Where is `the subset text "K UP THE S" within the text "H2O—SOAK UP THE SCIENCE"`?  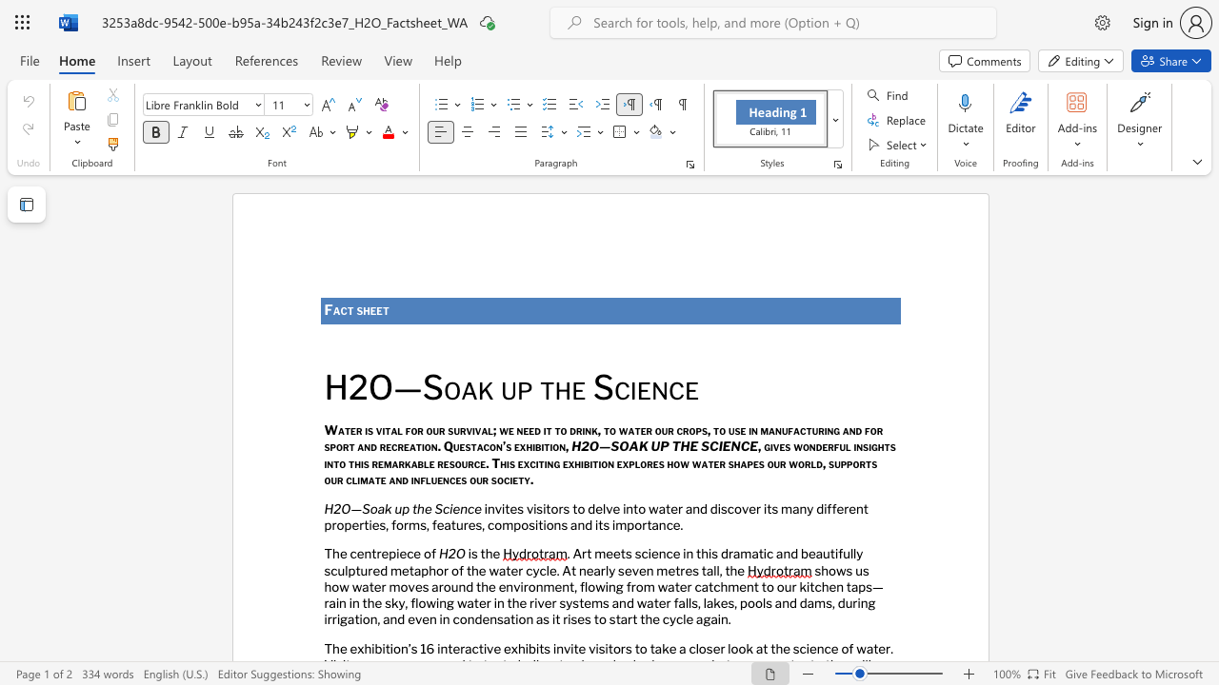
the subset text "K UP THE S" within the text "H2O—SOAK UP THE SCIENCE" is located at coordinates (638, 446).